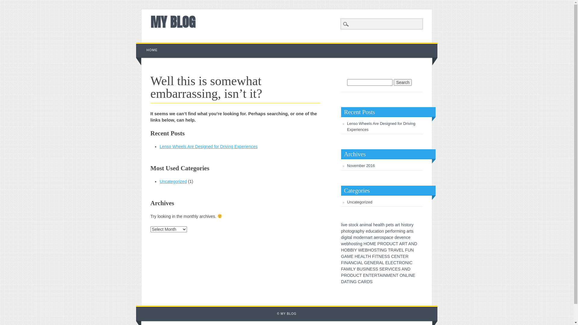 The width and height of the screenshot is (578, 325). What do you see at coordinates (399, 269) in the screenshot?
I see `'S'` at bounding box center [399, 269].